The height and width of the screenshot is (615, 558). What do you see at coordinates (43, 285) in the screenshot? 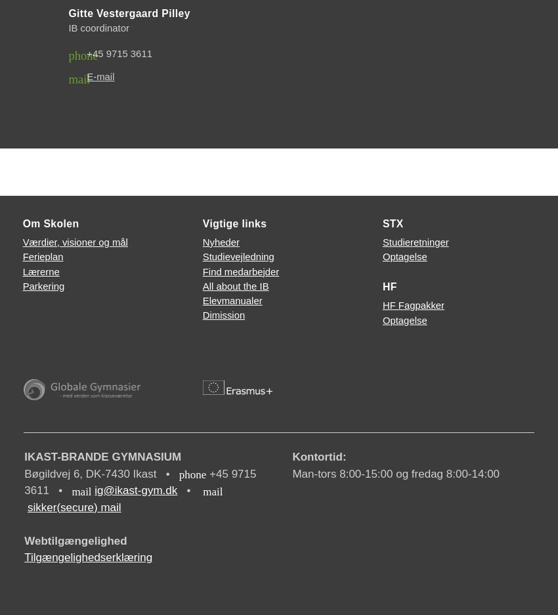
I see `'Parkering'` at bounding box center [43, 285].